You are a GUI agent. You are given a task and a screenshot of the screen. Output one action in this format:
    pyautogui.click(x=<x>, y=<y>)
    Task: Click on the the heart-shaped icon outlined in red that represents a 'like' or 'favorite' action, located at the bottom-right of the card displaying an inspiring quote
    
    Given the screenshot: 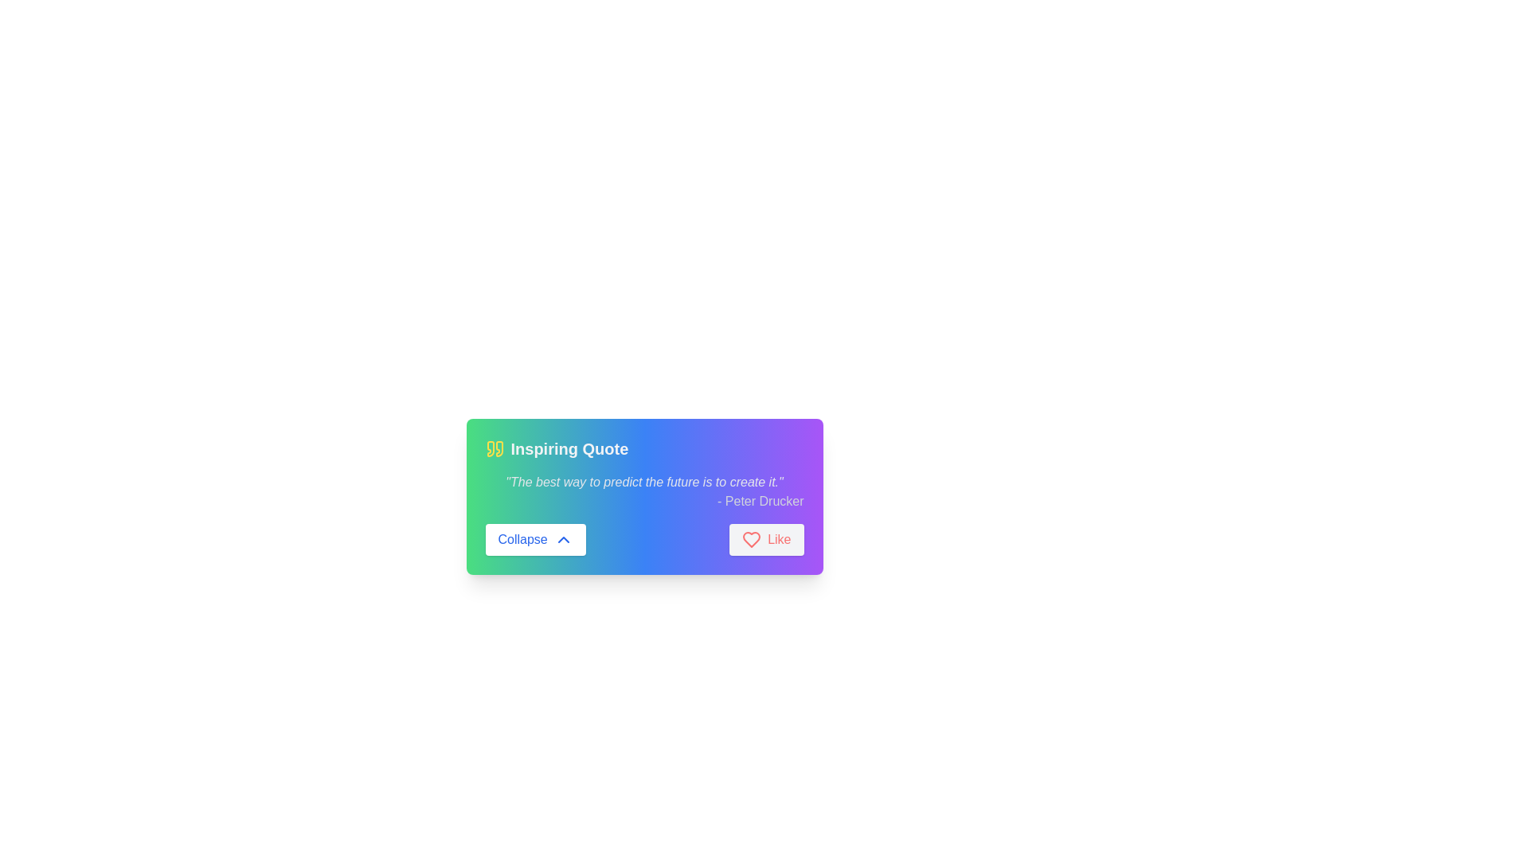 What is the action you would take?
    pyautogui.click(x=751, y=539)
    